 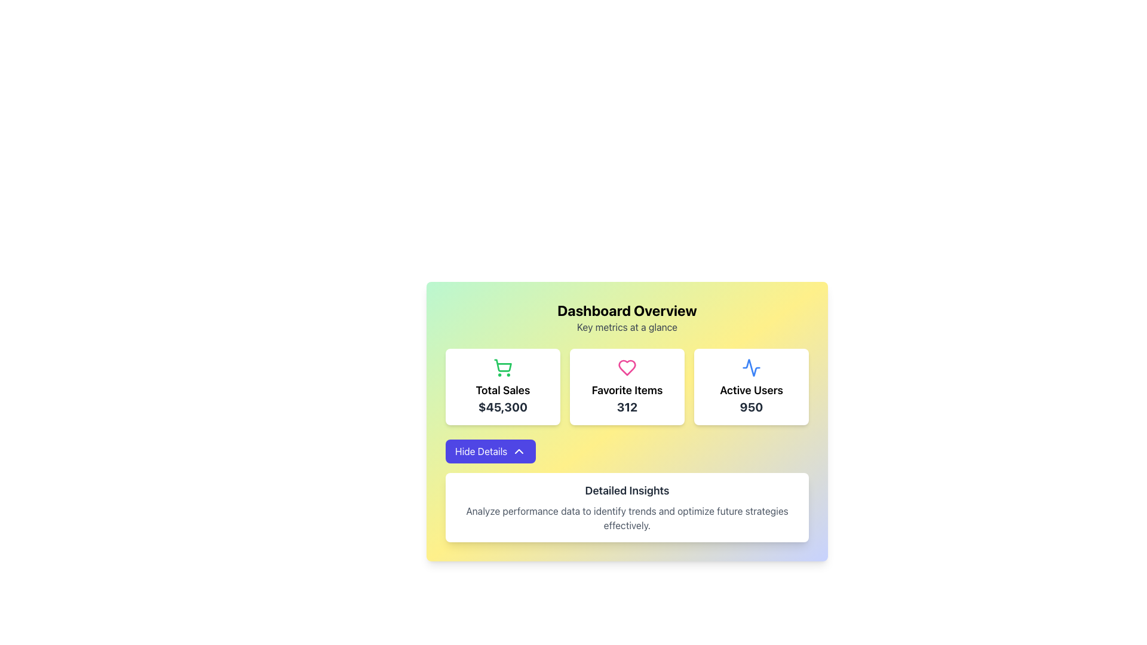 I want to click on the static text displaying '312', which is located within the 'Favorite Items' card, centered below the title, so click(x=627, y=407).